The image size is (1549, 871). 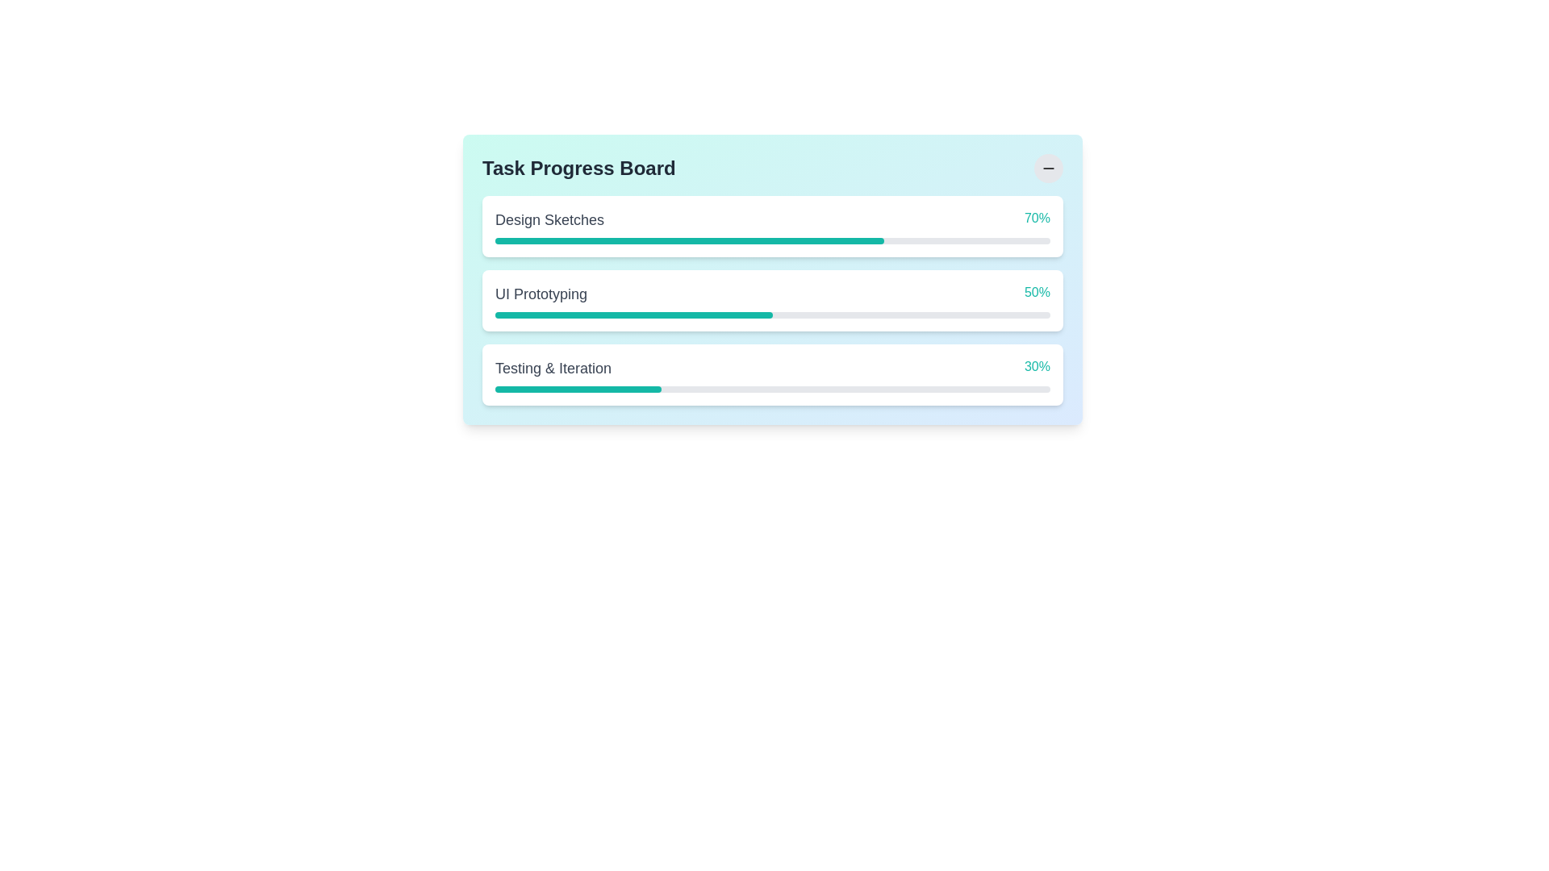 I want to click on the second progress bar in the 'Task Progress Board' labeled 'UI Prototyping', which has a gray background and a teal-filled portion indicating progress, so click(x=772, y=315).